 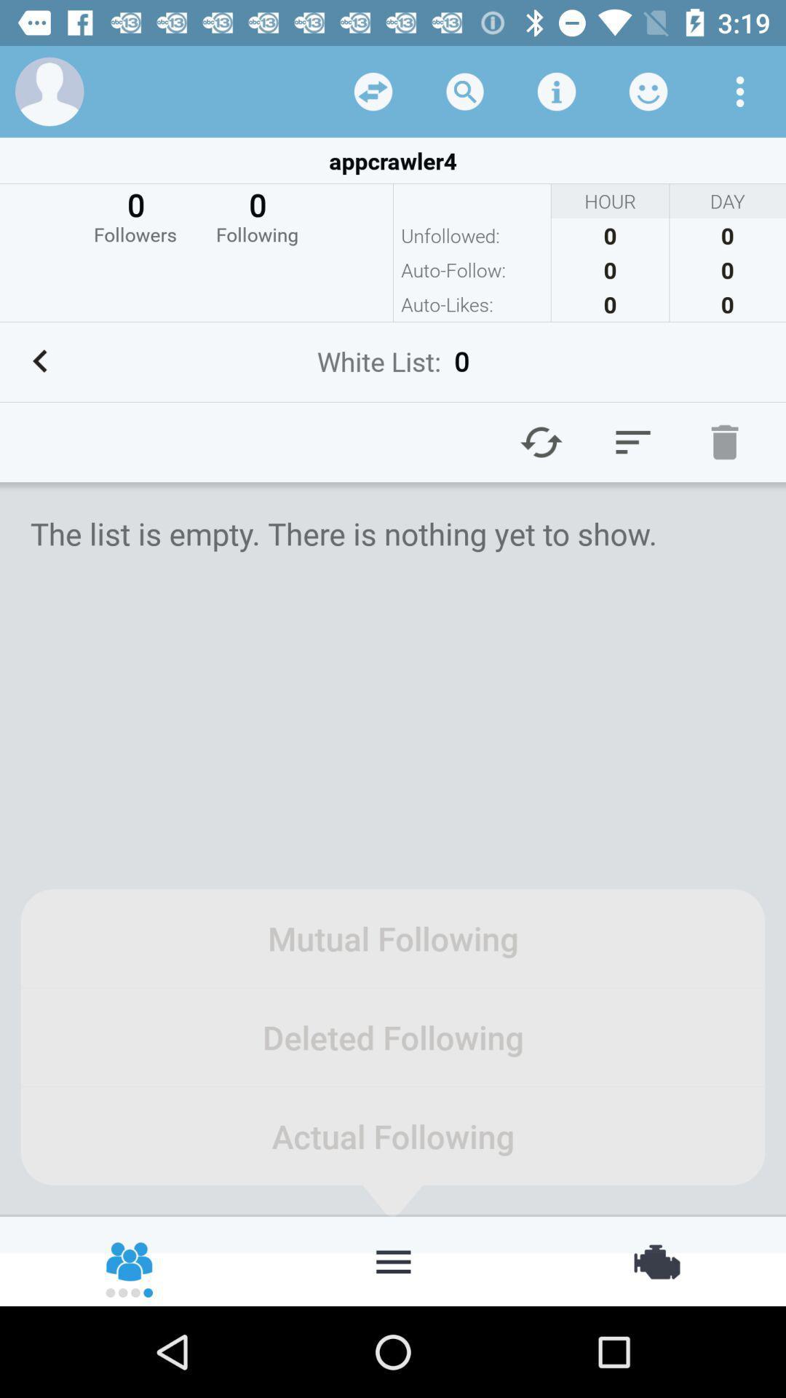 I want to click on the delete icon on the right center of the page, so click(x=724, y=441).